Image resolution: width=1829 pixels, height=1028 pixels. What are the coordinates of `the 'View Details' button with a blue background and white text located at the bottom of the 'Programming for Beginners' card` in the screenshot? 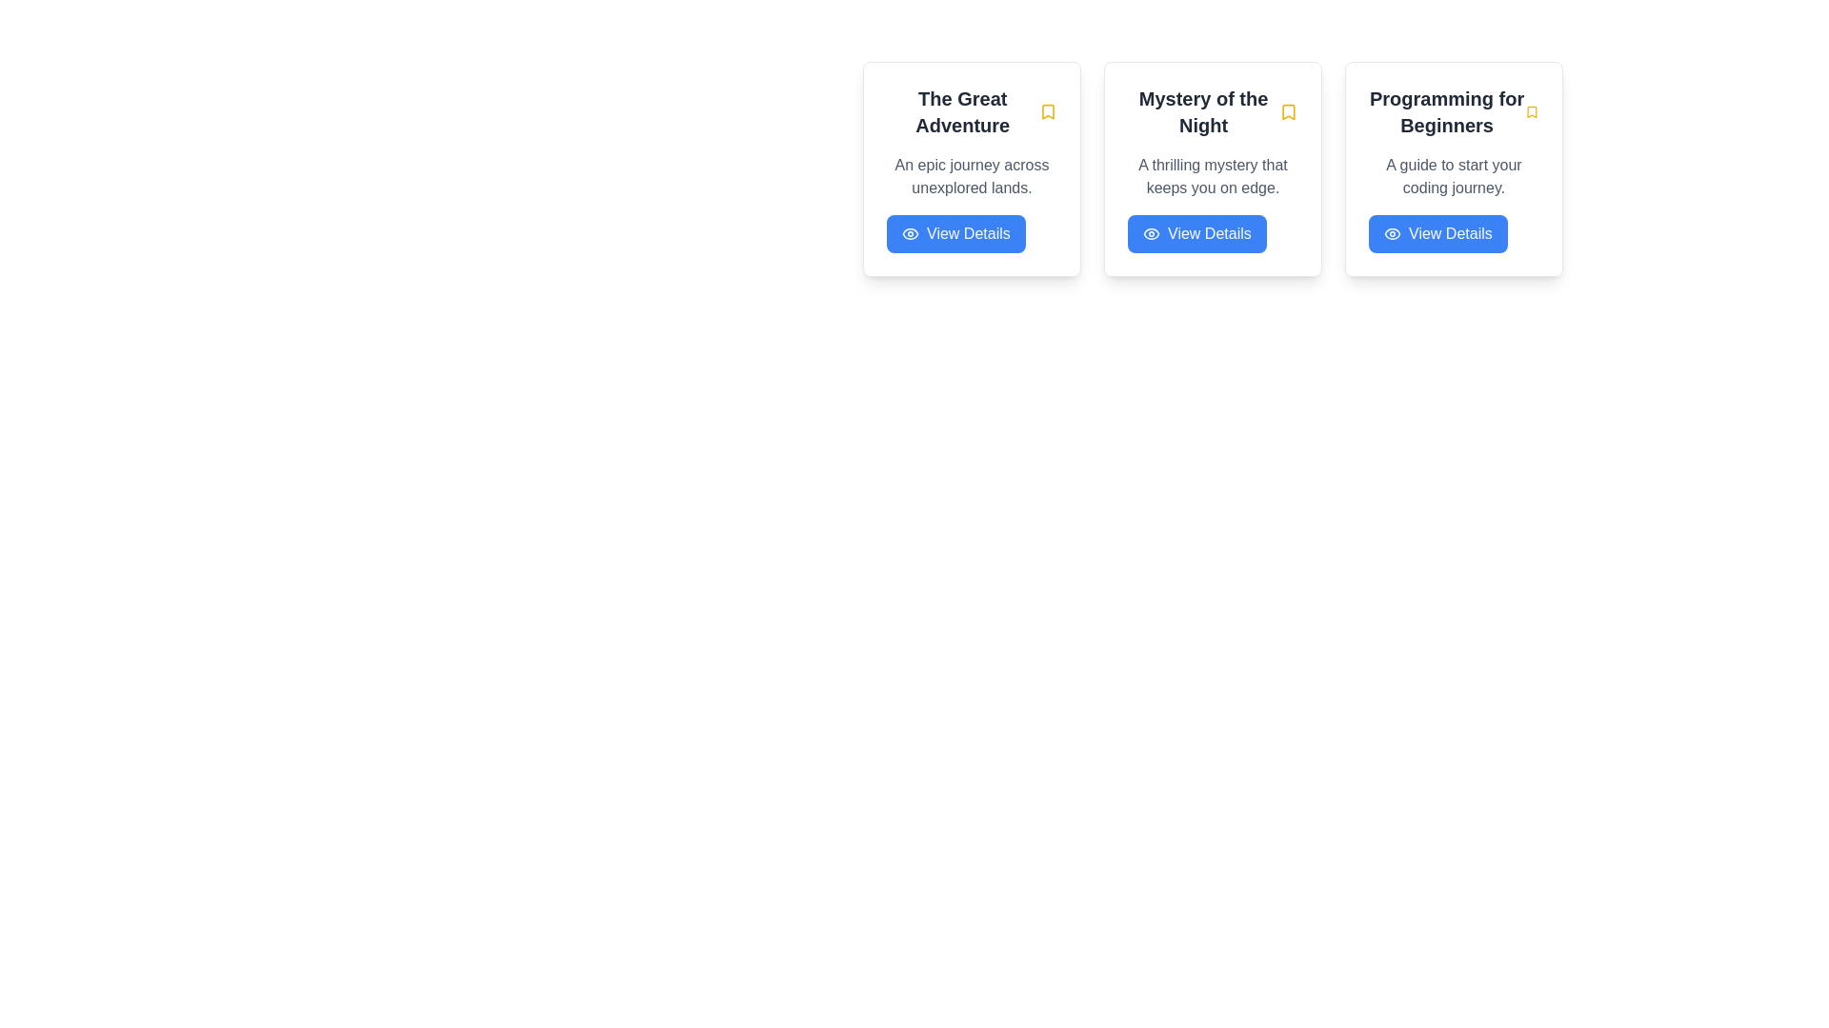 It's located at (1437, 233).